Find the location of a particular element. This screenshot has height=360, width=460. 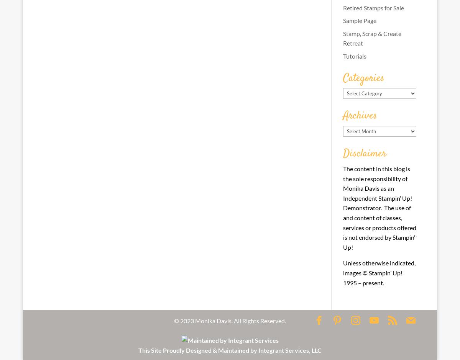

'Categories' is located at coordinates (342, 77).